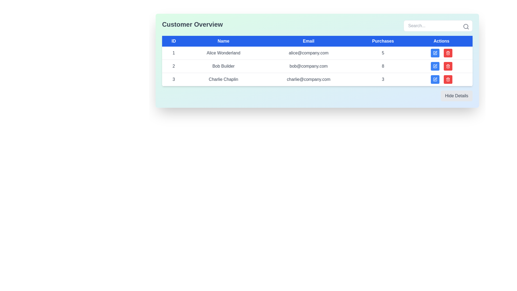 This screenshot has height=291, width=517. I want to click on the 'Purchases' column header, which is a rectangular button-like text area displaying the word 'Purchases' in white on a blue background, to sort the data, so click(383, 41).